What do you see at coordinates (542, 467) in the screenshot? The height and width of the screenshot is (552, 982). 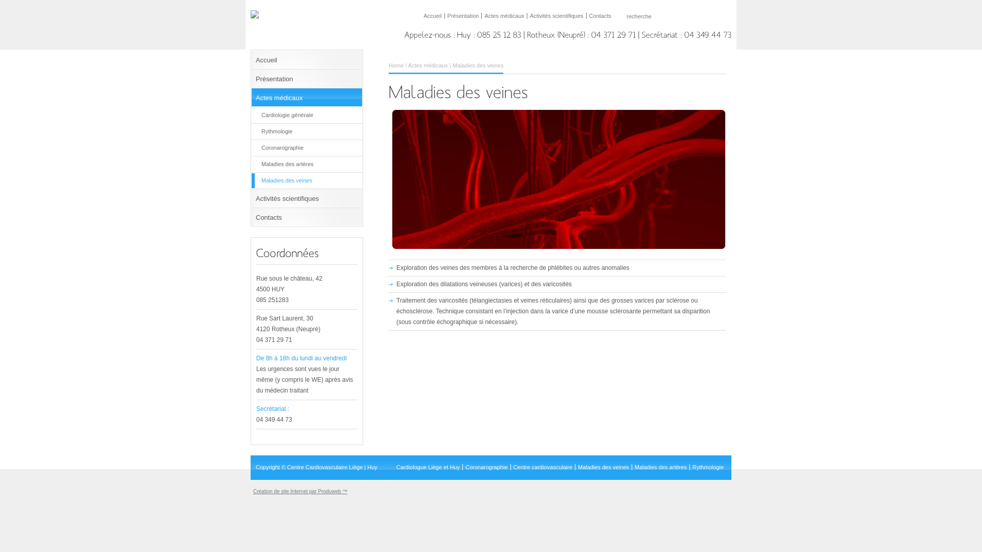 I see `'Centre cardiovasculaire'` at bounding box center [542, 467].